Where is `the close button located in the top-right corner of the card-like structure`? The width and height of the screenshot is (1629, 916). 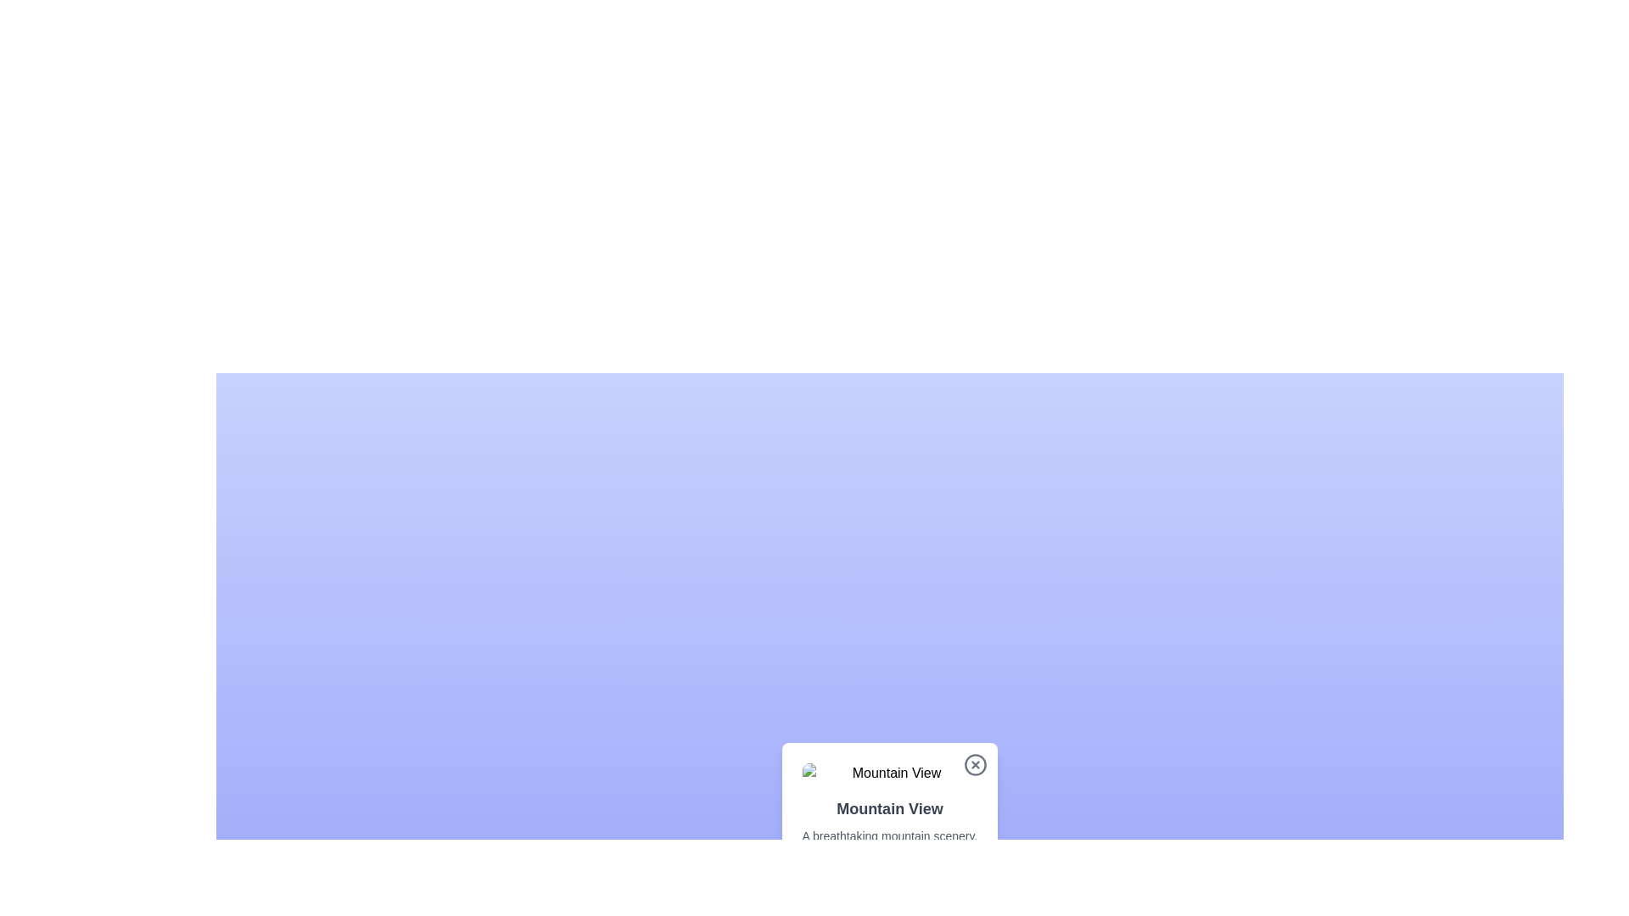
the close button located in the top-right corner of the card-like structure is located at coordinates (976, 765).